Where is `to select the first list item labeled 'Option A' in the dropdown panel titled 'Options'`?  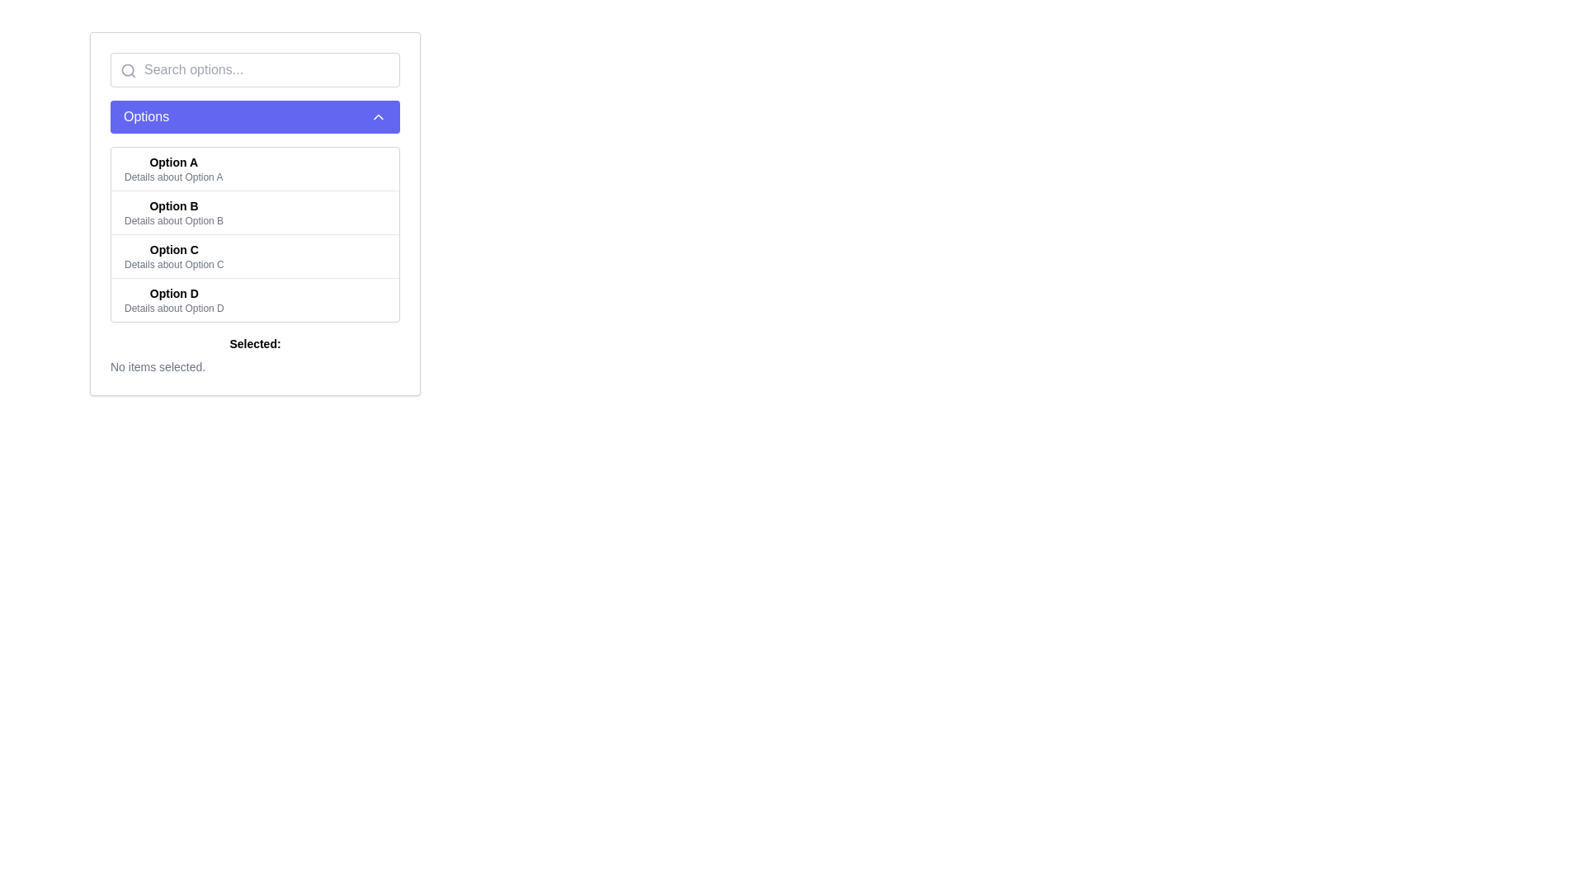 to select the first list item labeled 'Option A' in the dropdown panel titled 'Options' is located at coordinates (173, 168).